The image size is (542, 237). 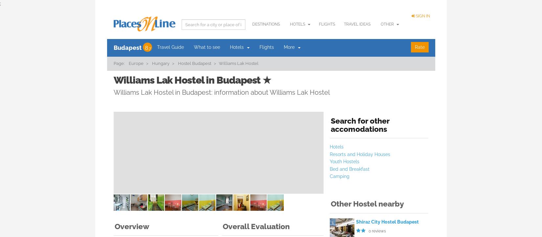 What do you see at coordinates (119, 63) in the screenshot?
I see `'Page:'` at bounding box center [119, 63].